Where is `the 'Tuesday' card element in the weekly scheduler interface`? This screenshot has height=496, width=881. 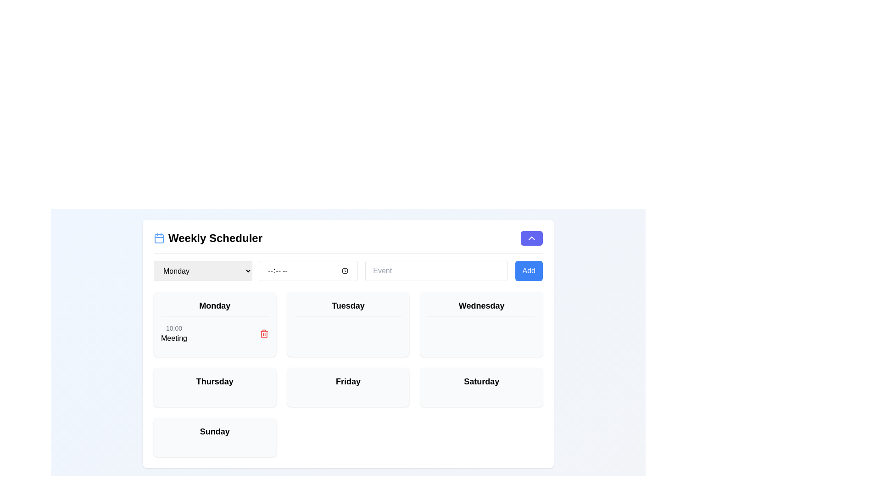 the 'Tuesday' card element in the weekly scheduler interface is located at coordinates (347, 324).